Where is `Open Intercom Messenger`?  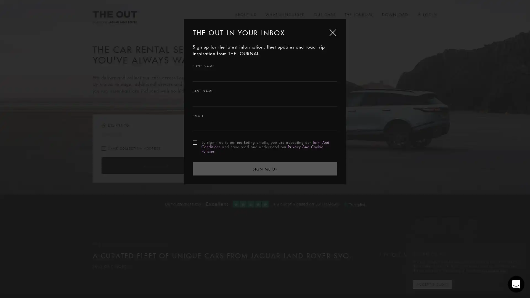
Open Intercom Messenger is located at coordinates (516, 284).